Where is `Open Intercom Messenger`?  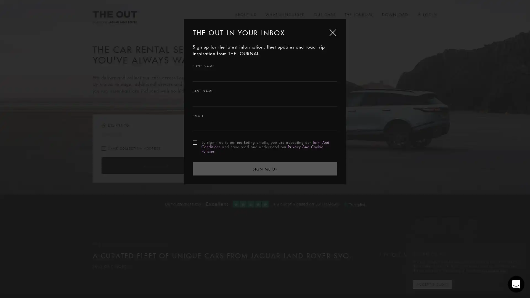
Open Intercom Messenger is located at coordinates (516, 284).